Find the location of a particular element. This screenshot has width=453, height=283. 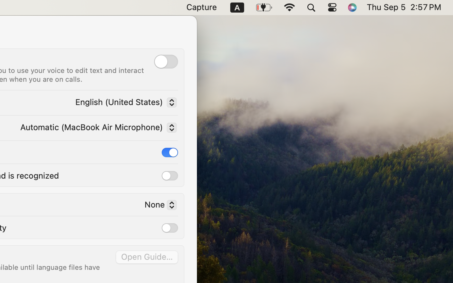

'English (United States)' is located at coordinates (124, 103).